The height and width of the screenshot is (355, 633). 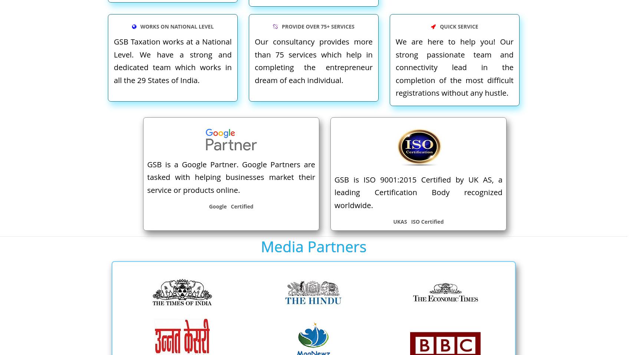 I want to click on 'Our consultancy provides more than 75 services which help in completing the entrepreneur dream of each individual.', so click(x=313, y=60).